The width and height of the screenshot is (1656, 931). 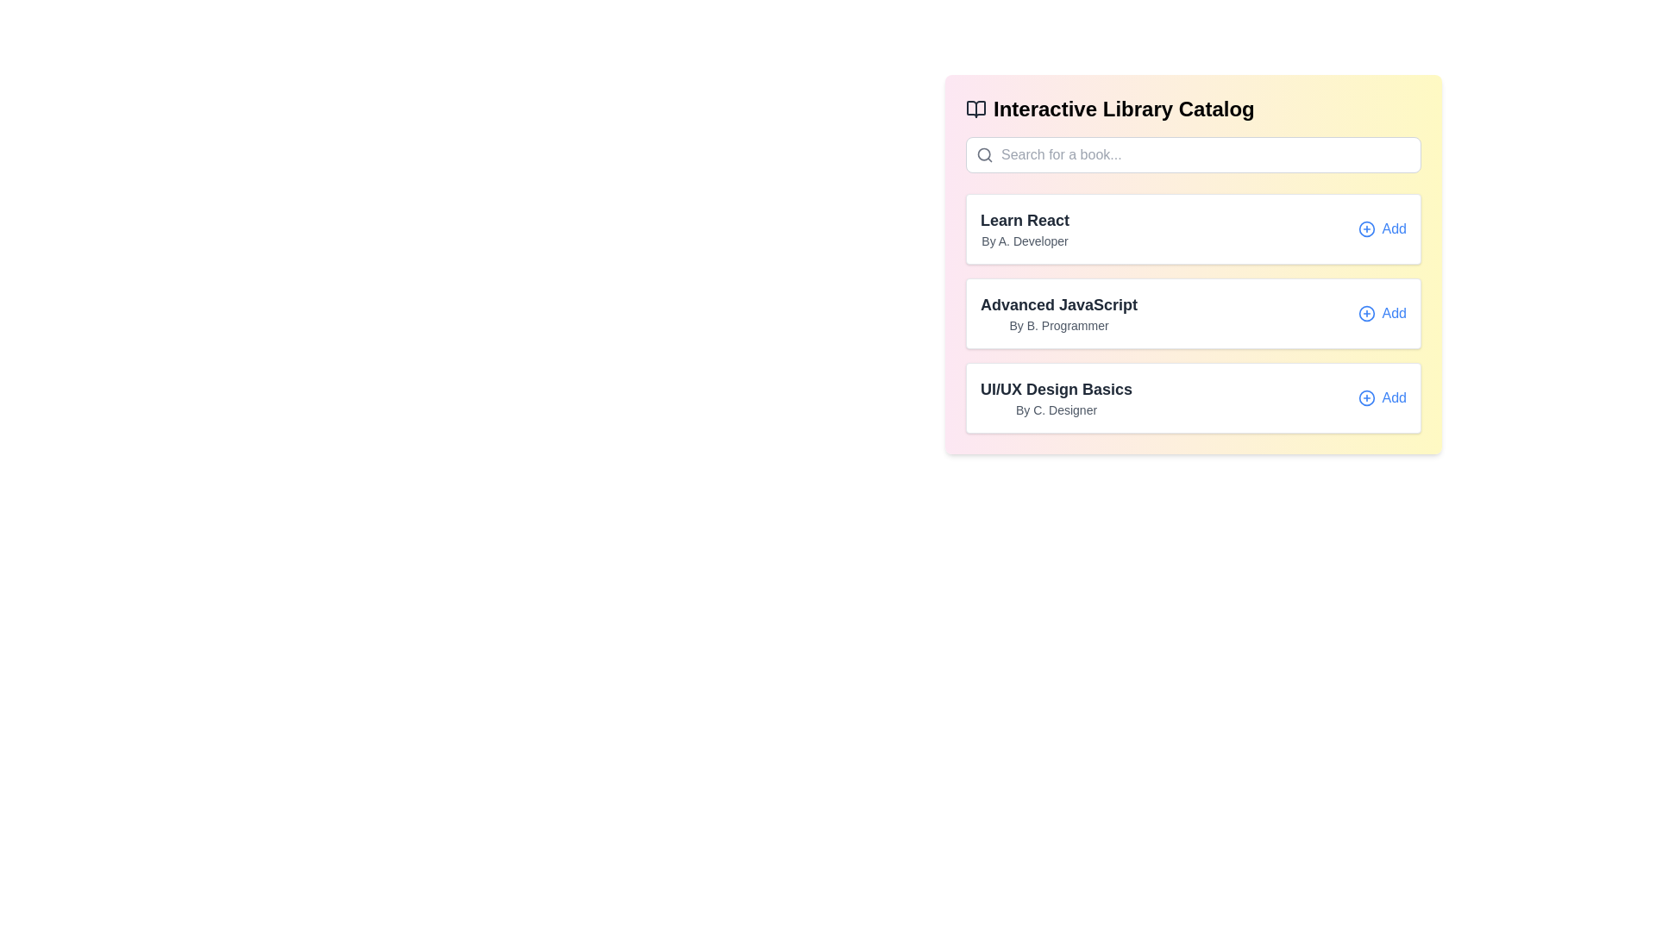 What do you see at coordinates (976, 109) in the screenshot?
I see `the left half of the book icon that is part of the 'Interactive Library Catalog' heading, located near the top-left corner of the application interface` at bounding box center [976, 109].